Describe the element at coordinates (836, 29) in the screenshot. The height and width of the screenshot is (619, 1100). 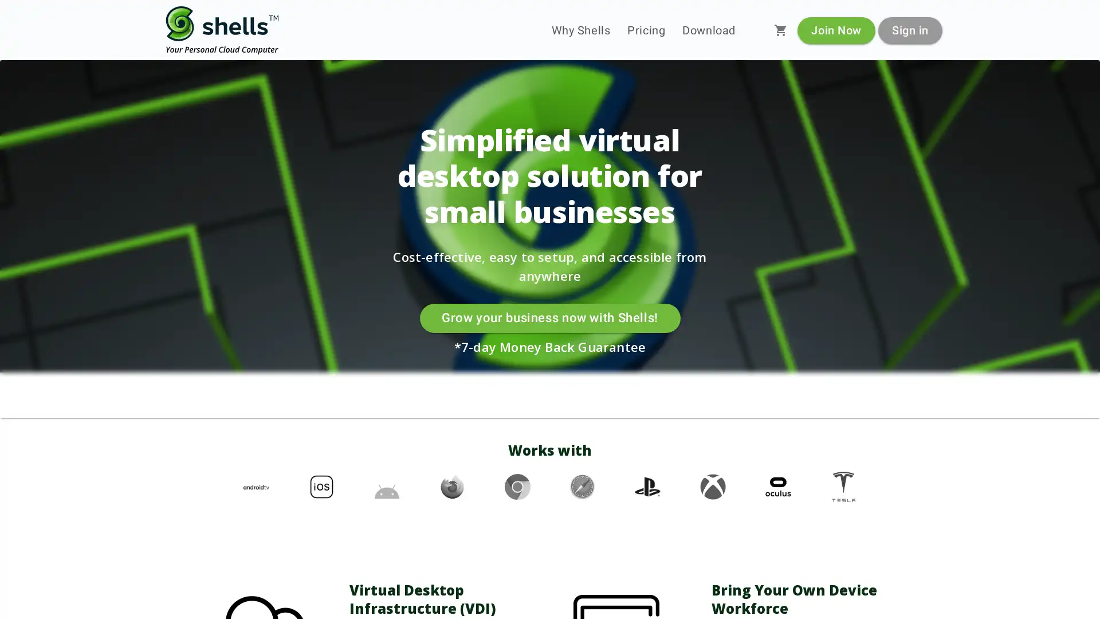
I see `Join Now` at that location.